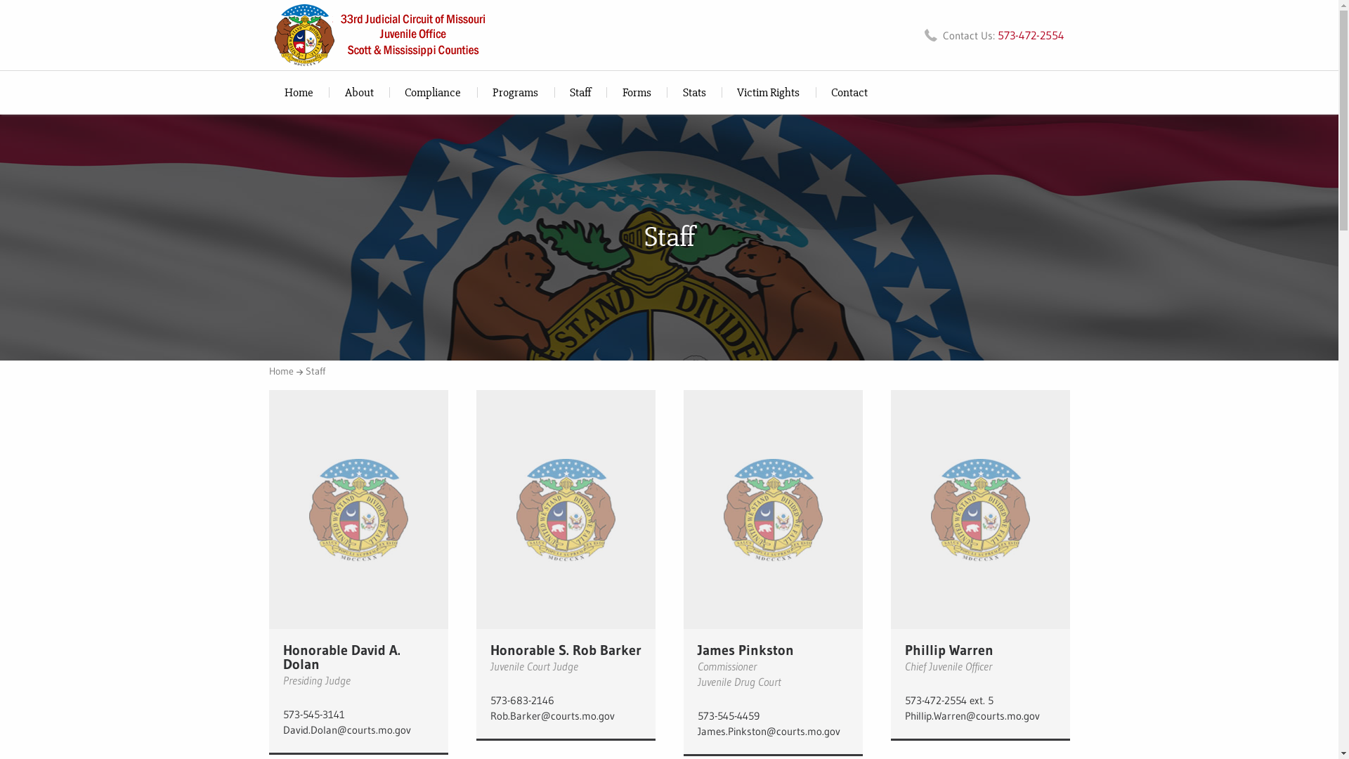 The image size is (1349, 759). I want to click on 'Staff', so click(313, 370).